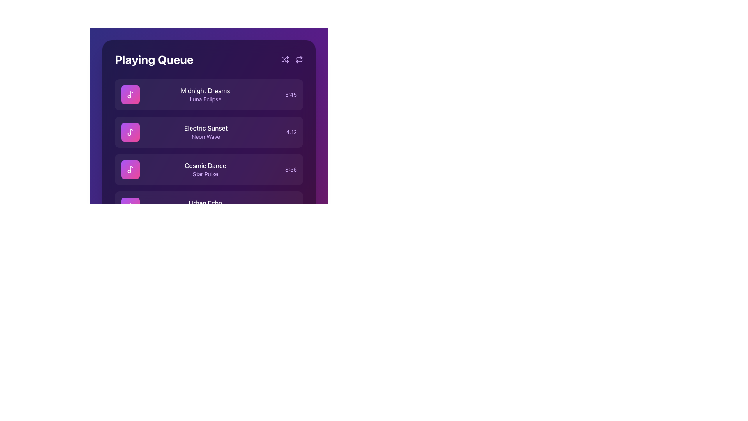 The height and width of the screenshot is (421, 748). Describe the element at coordinates (209, 169) in the screenshot. I see `the third item in the 'Playing Queue' section, which represents a music track` at that location.